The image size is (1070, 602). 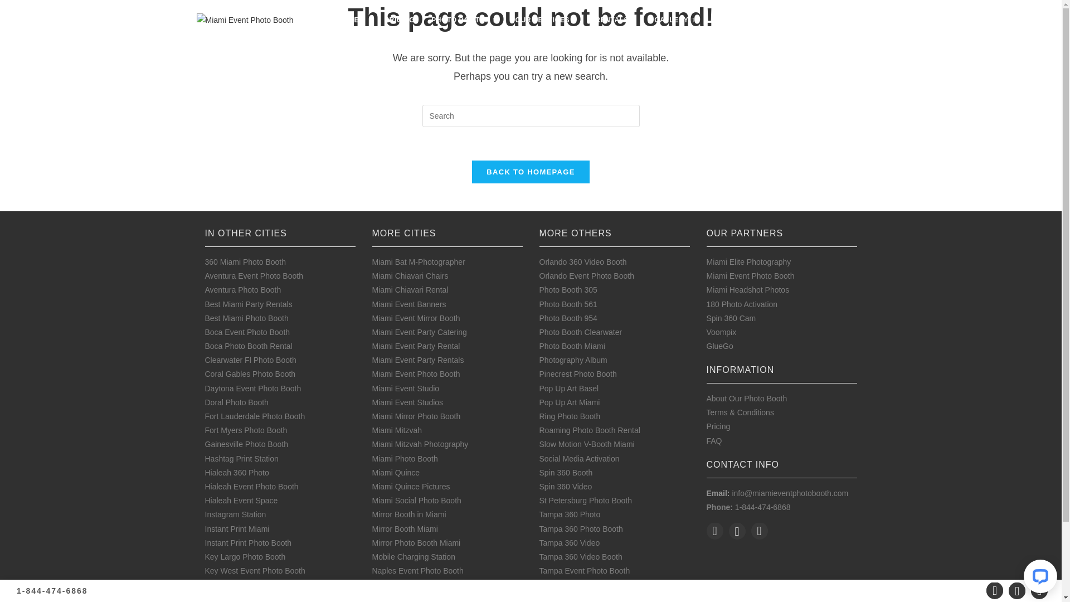 I want to click on 'Instagram Station', so click(x=235, y=514).